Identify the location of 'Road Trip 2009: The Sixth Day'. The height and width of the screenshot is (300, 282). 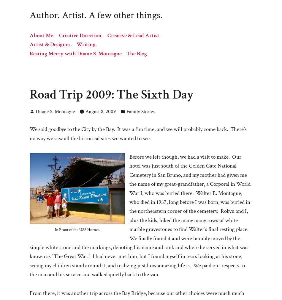
(111, 94).